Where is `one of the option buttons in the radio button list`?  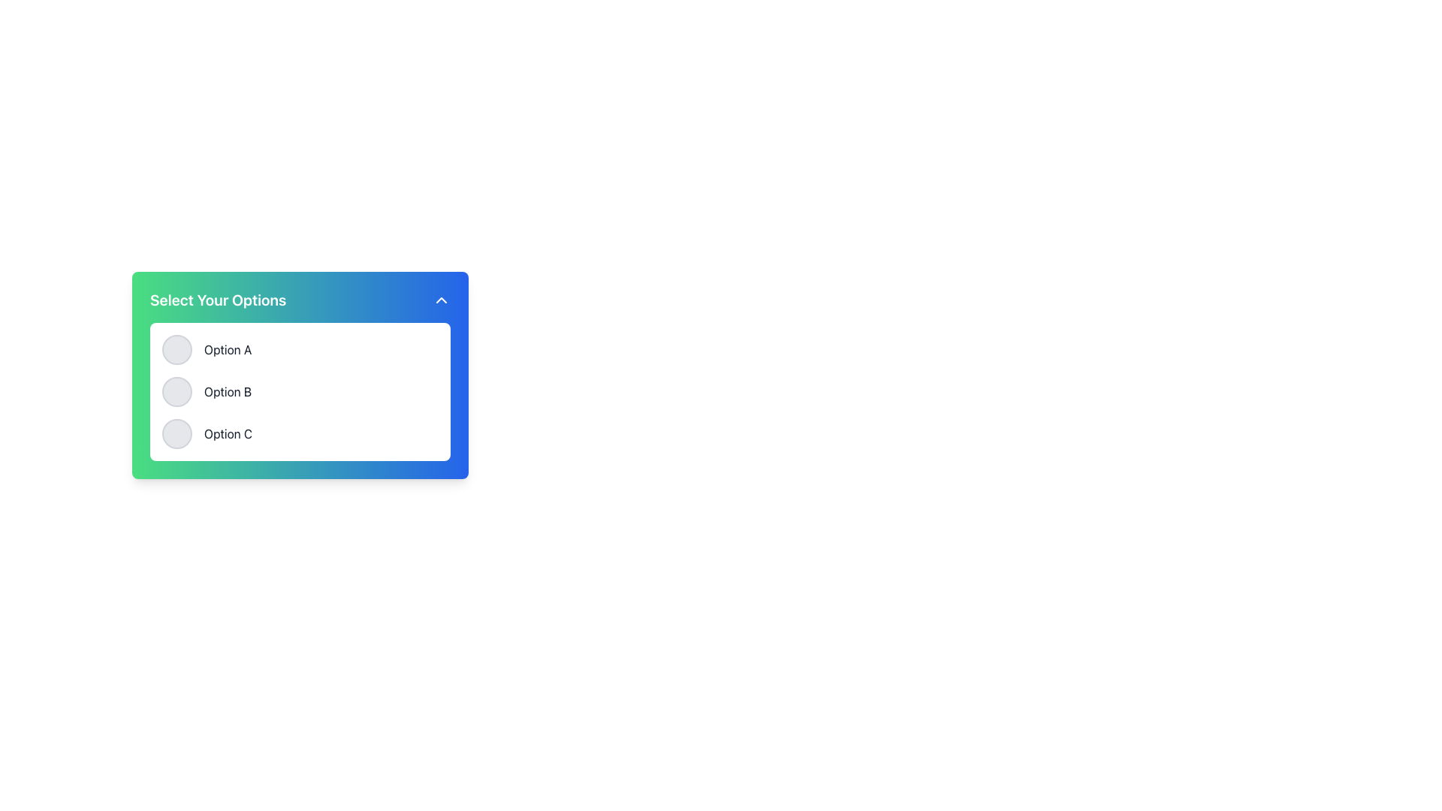 one of the option buttons in the radio button list is located at coordinates (300, 375).